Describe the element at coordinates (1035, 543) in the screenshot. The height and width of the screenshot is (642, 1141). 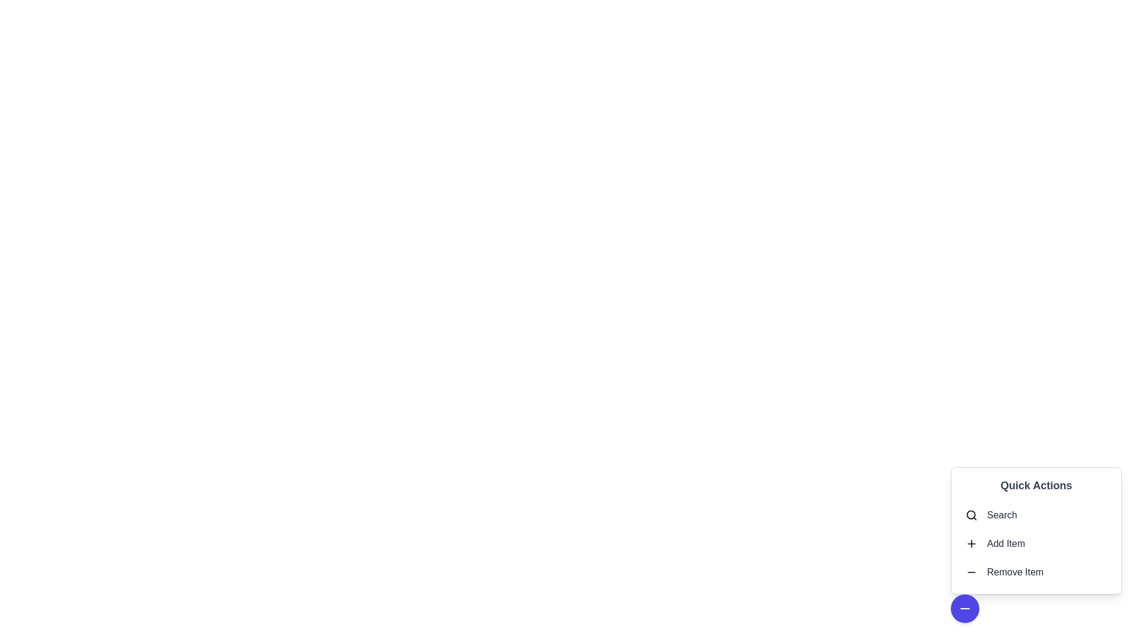
I see `the 'Add Item' button, which features a plus sign icon and is located in the vertical quick actions menu` at that location.